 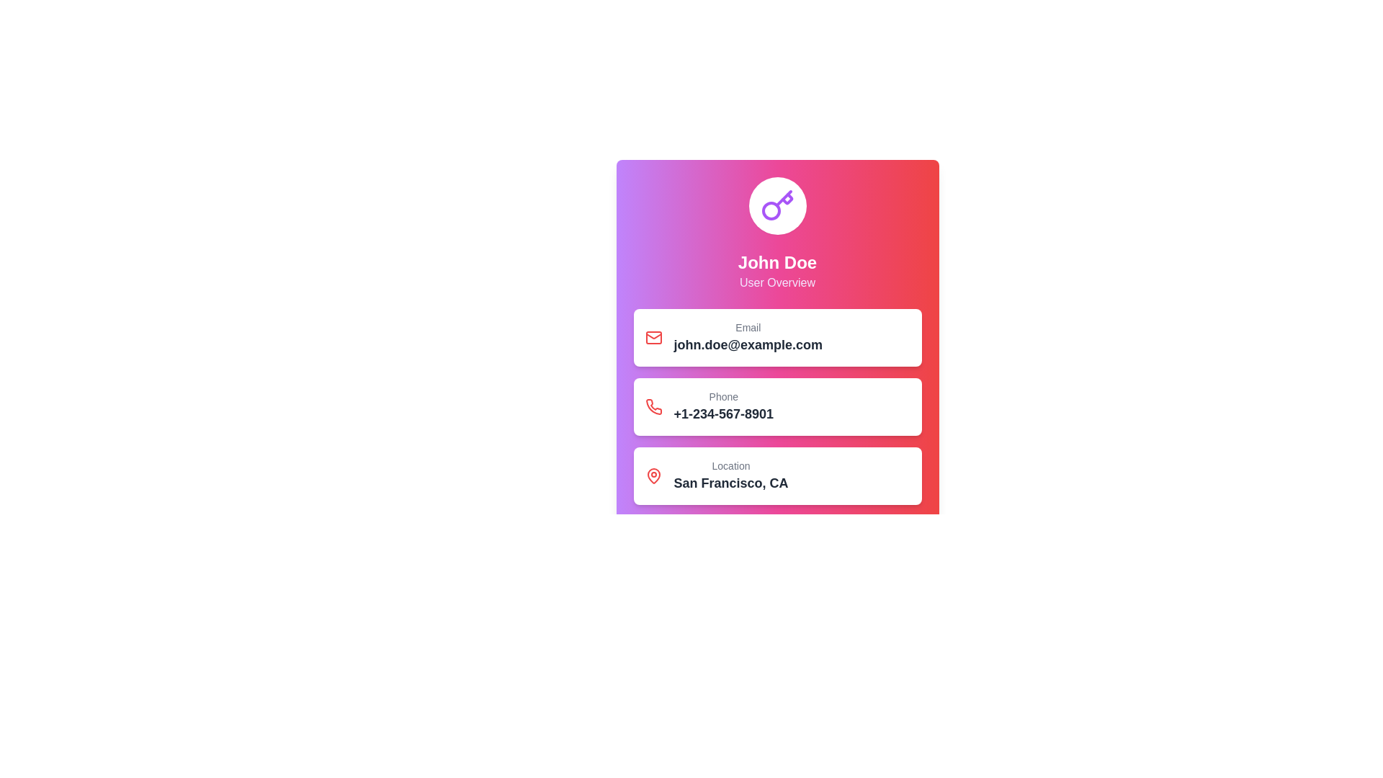 What do you see at coordinates (731, 475) in the screenshot?
I see `the Location text block displaying 'Location' in gray above 'San Francisco, CA' in black, which is the fourth highlighted block on the card` at bounding box center [731, 475].